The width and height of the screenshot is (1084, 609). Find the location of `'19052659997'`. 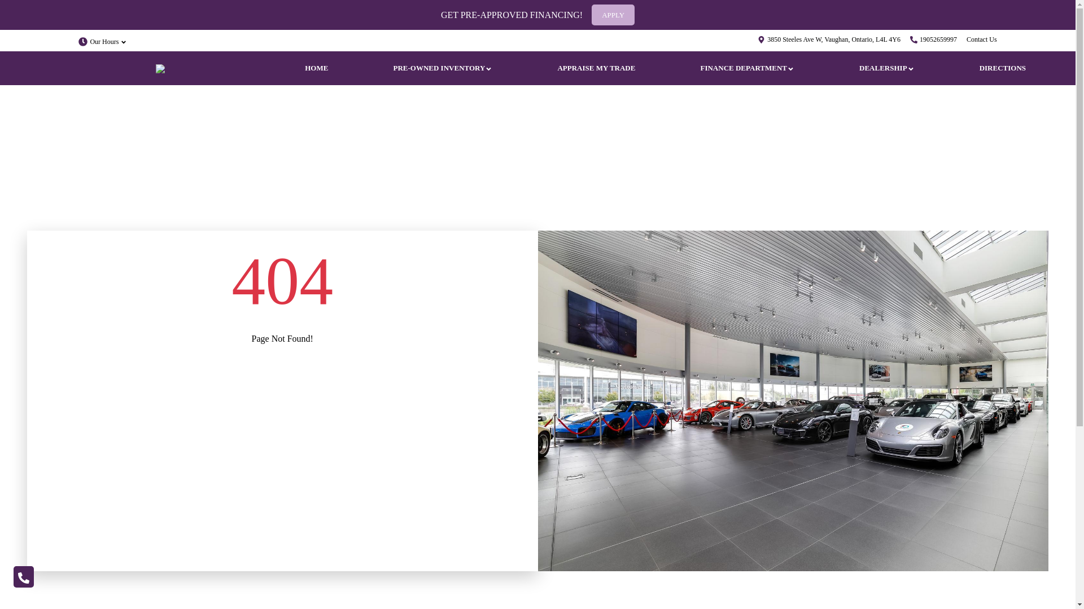

'19052659997' is located at coordinates (938, 38).